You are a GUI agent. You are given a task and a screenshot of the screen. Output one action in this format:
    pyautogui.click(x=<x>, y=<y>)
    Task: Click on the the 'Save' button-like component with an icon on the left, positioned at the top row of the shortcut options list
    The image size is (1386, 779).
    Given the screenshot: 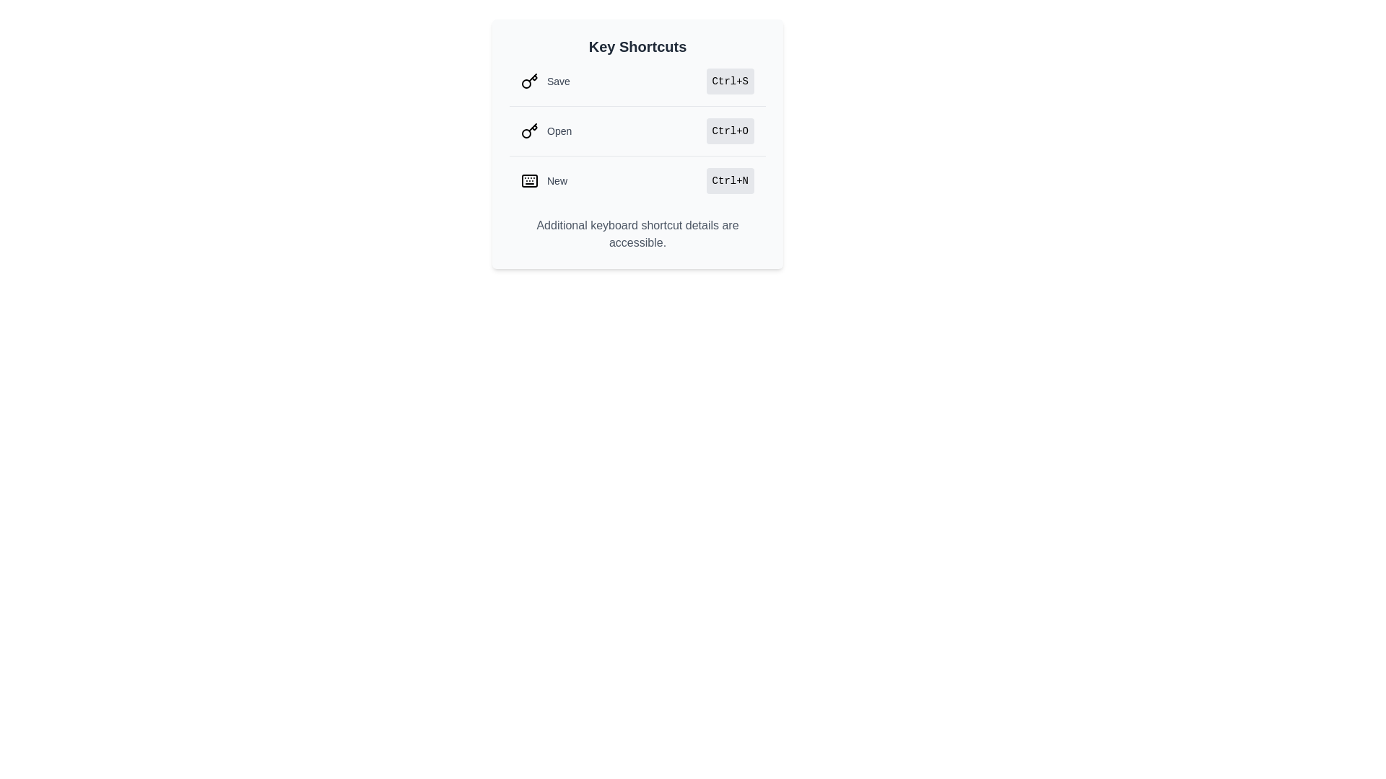 What is the action you would take?
    pyautogui.click(x=544, y=81)
    